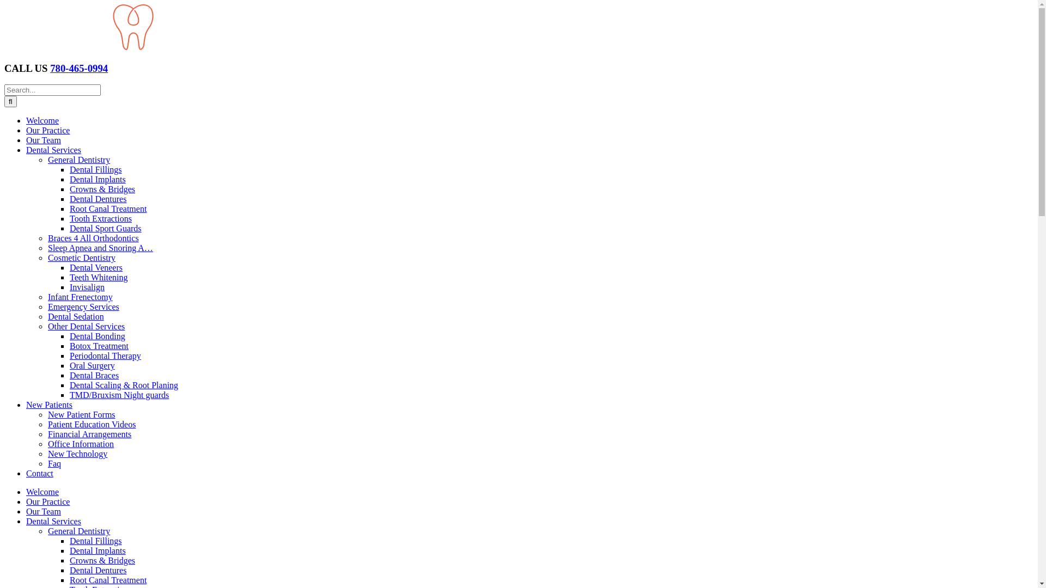  I want to click on 'Dental Implants', so click(69, 179).